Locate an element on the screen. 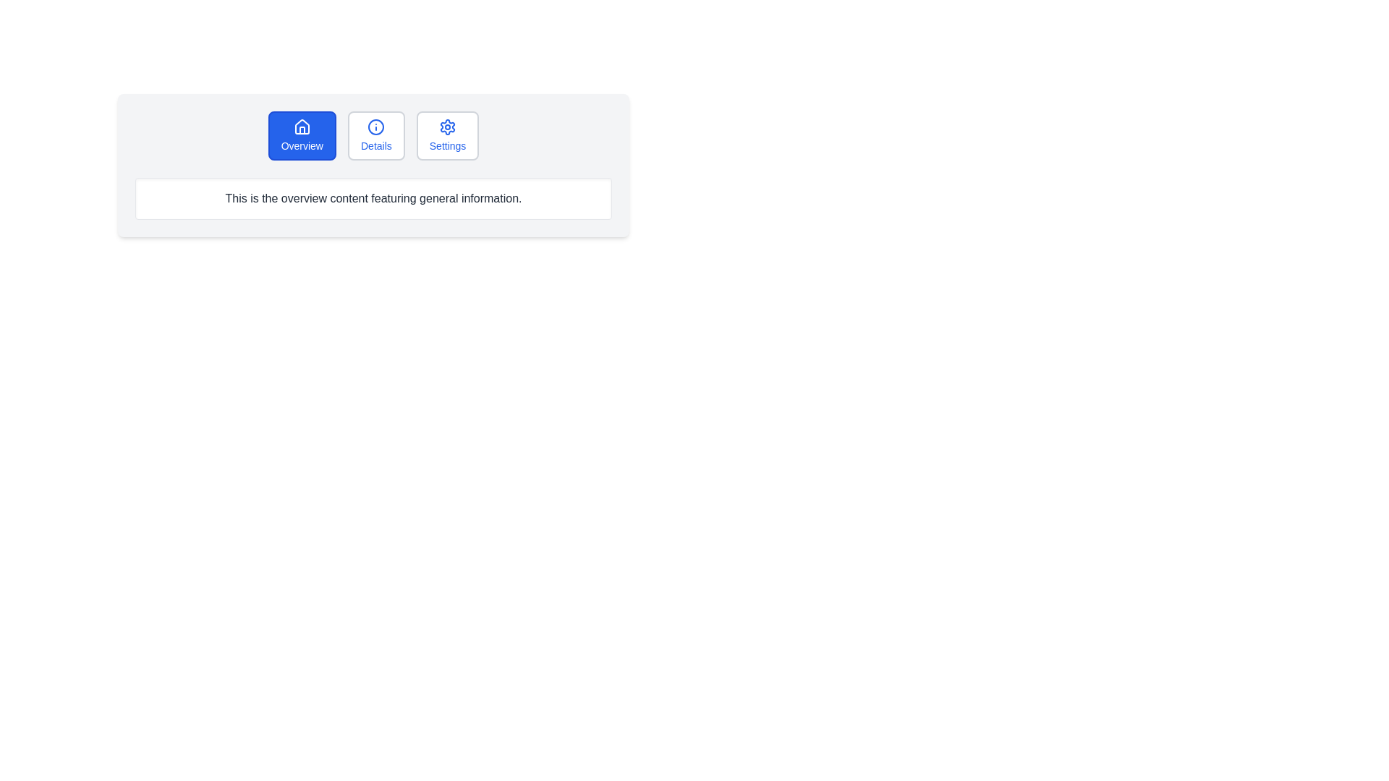 The height and width of the screenshot is (781, 1389). the Details tab is located at coordinates (376, 136).